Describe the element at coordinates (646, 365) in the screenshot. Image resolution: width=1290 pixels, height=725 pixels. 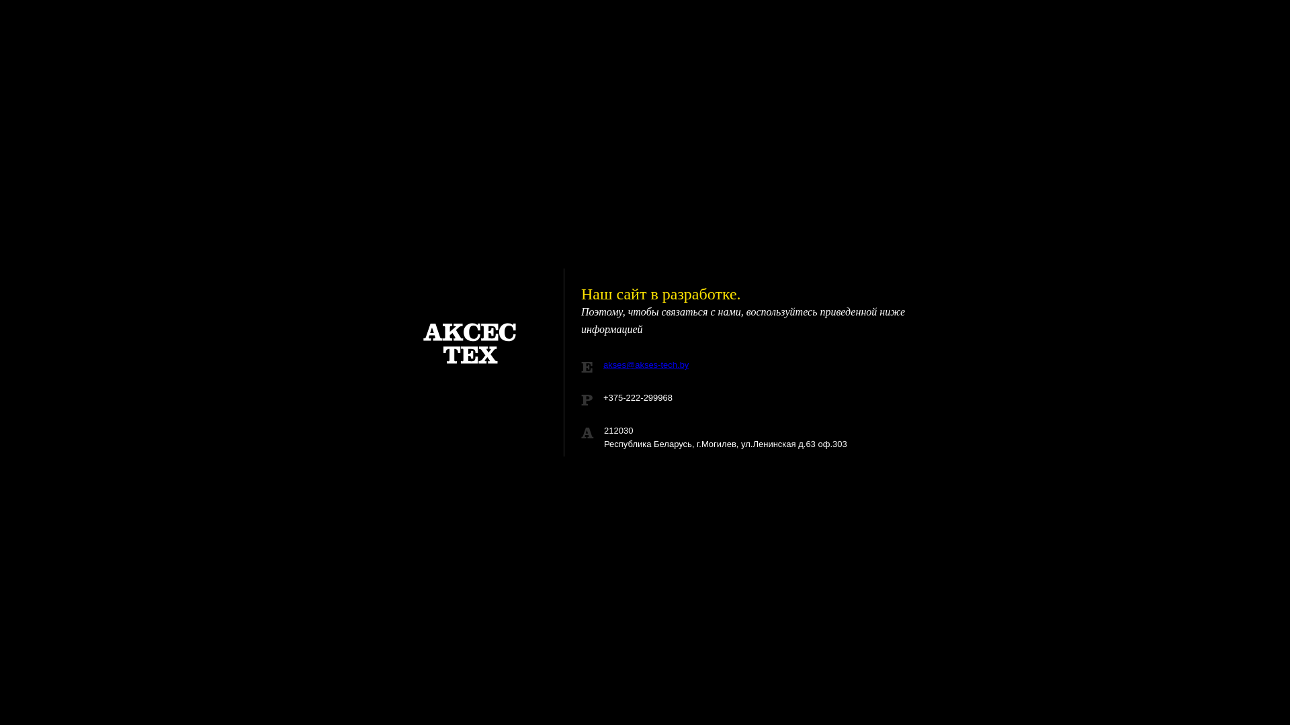
I see `'akses@akses-tech.by'` at that location.